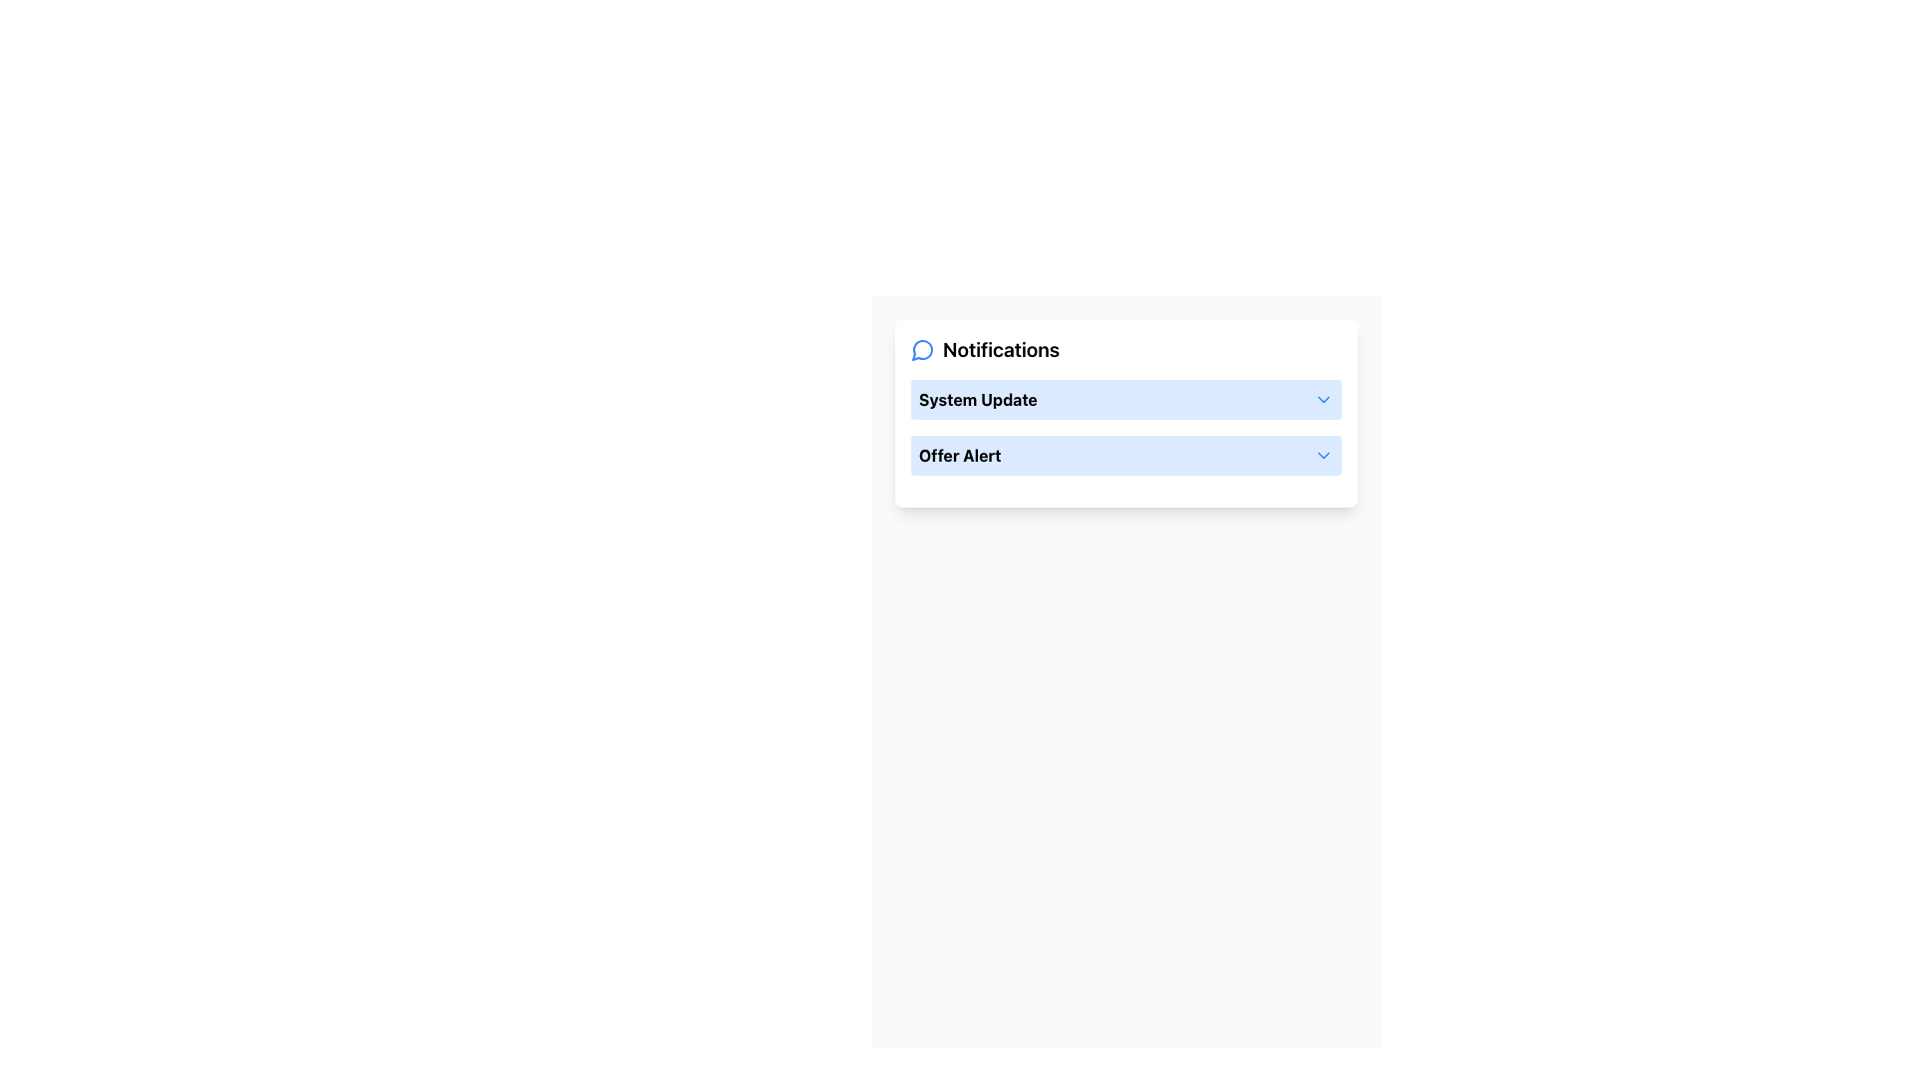  I want to click on the chevron icon located to the far right of the 'Offer Alert' section, so click(1324, 455).